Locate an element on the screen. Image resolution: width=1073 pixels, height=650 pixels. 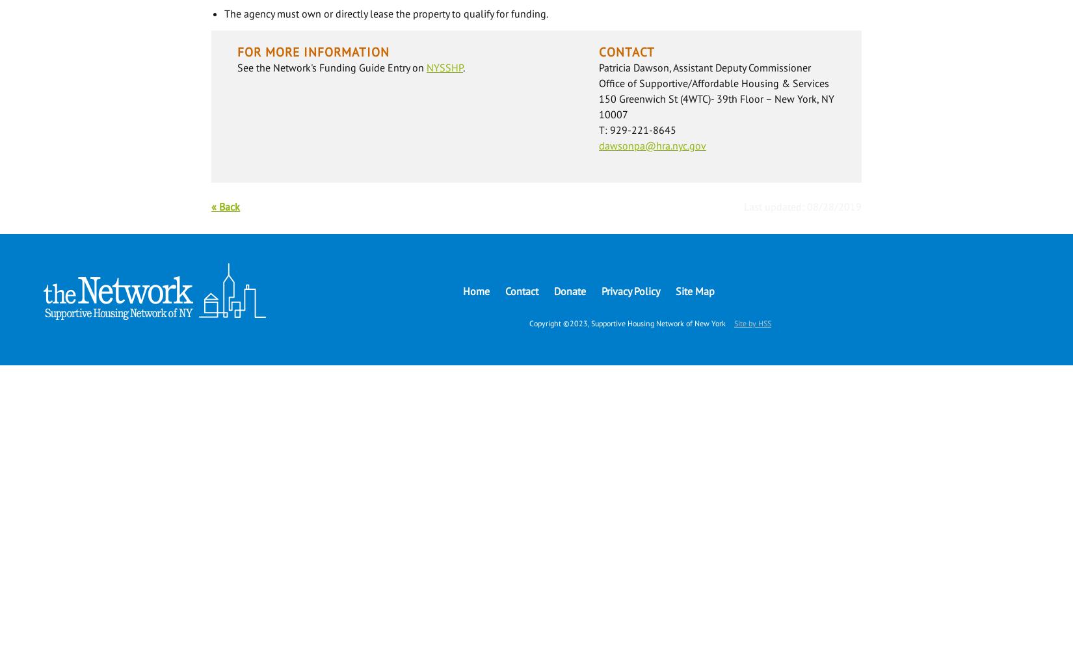
'NYSSHP' is located at coordinates (444, 67).